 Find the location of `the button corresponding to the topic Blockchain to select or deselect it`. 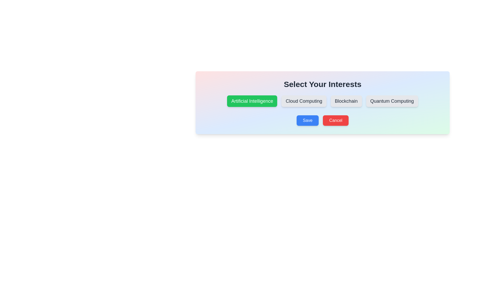

the button corresponding to the topic Blockchain to select or deselect it is located at coordinates (346, 101).